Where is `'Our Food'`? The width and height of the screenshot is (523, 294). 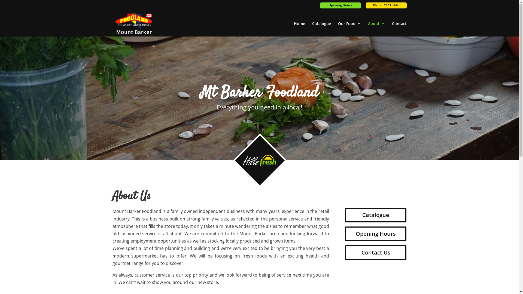 'Our Food' is located at coordinates (349, 29).